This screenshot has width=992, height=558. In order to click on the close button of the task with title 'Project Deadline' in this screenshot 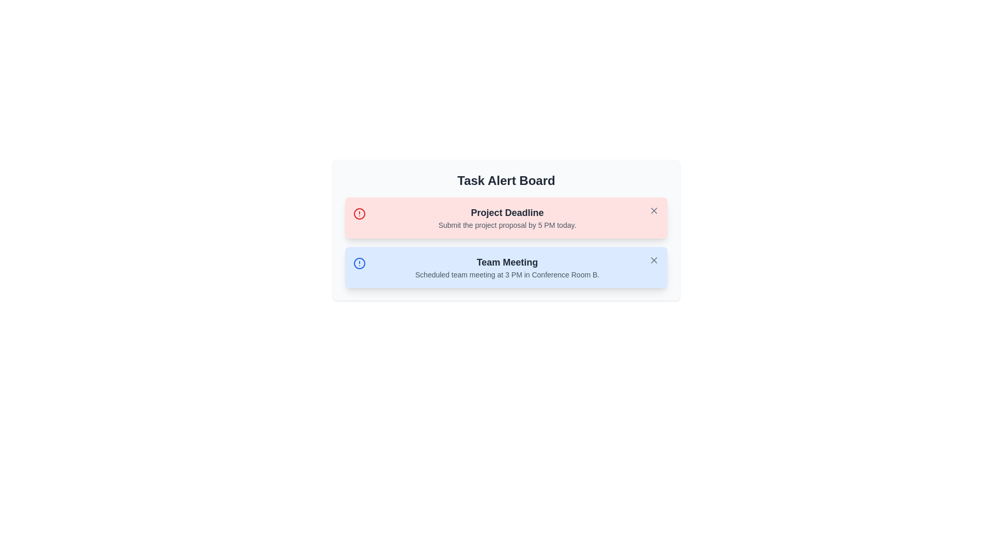, I will do `click(654, 210)`.